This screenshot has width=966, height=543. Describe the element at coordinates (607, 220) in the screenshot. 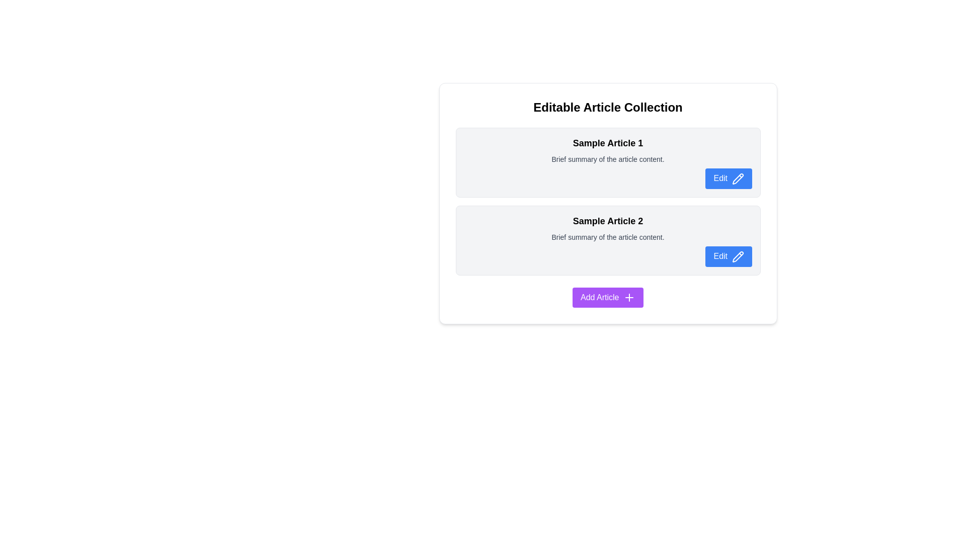

I see `the title text element that displays the article title, which is located at the top of the article group, above the 'Add Article' button` at that location.